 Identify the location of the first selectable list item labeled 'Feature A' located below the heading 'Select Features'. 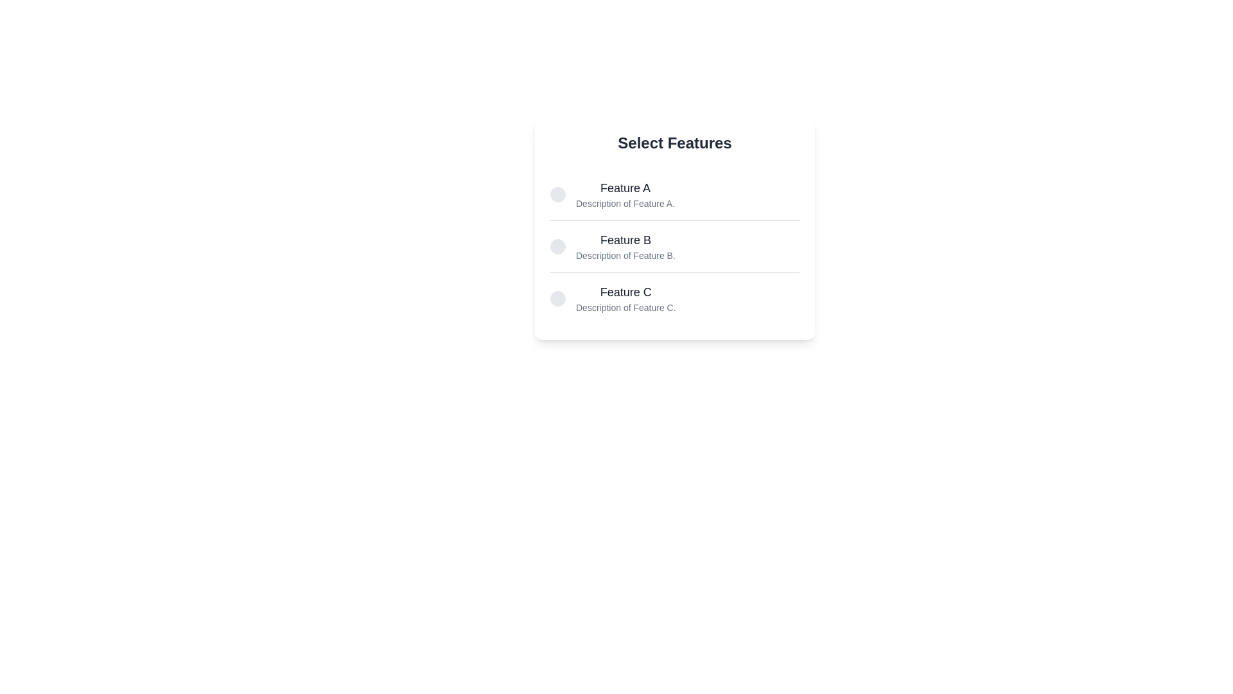
(612, 195).